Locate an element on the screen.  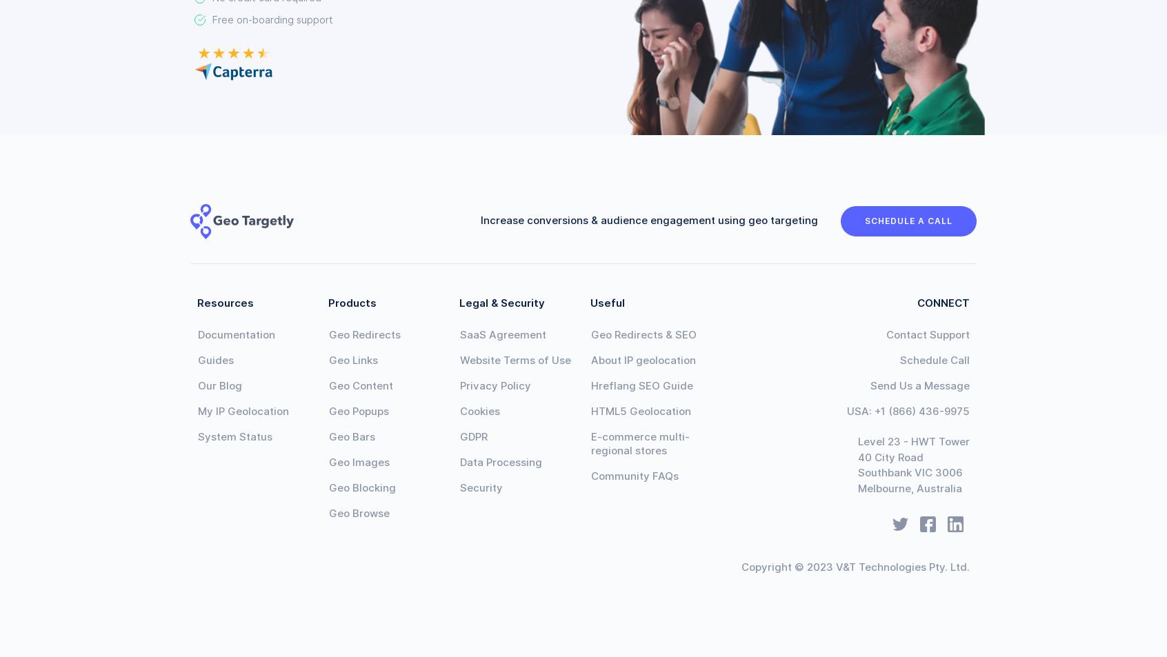
'Level 23 - HWT Tower' is located at coordinates (912, 441).